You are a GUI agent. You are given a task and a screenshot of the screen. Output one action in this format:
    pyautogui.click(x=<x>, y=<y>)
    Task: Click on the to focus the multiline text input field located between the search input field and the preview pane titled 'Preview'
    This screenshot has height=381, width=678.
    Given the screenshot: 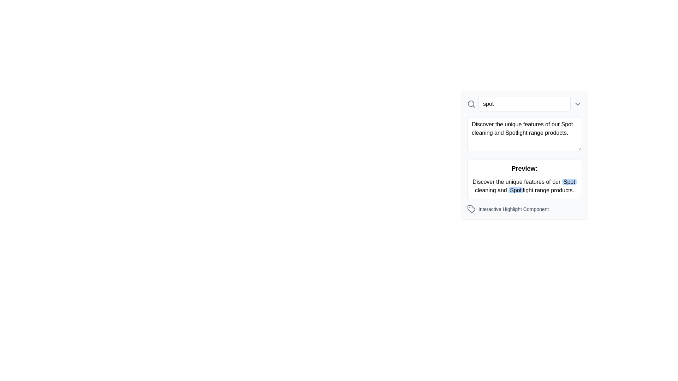 What is the action you would take?
    pyautogui.click(x=524, y=134)
    